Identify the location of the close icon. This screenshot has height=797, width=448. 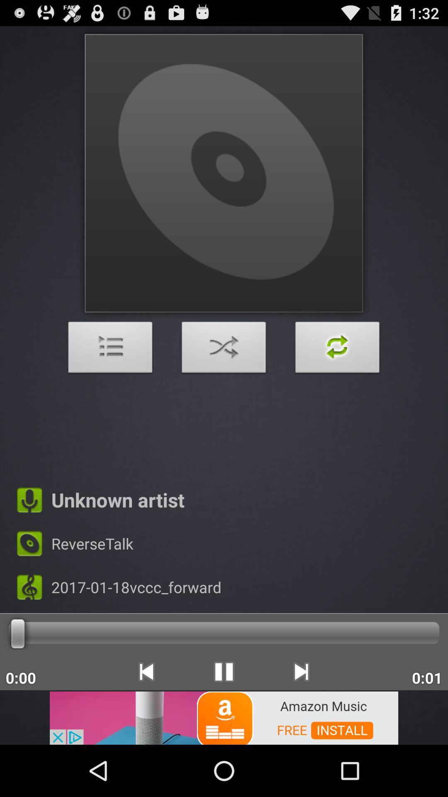
(224, 374).